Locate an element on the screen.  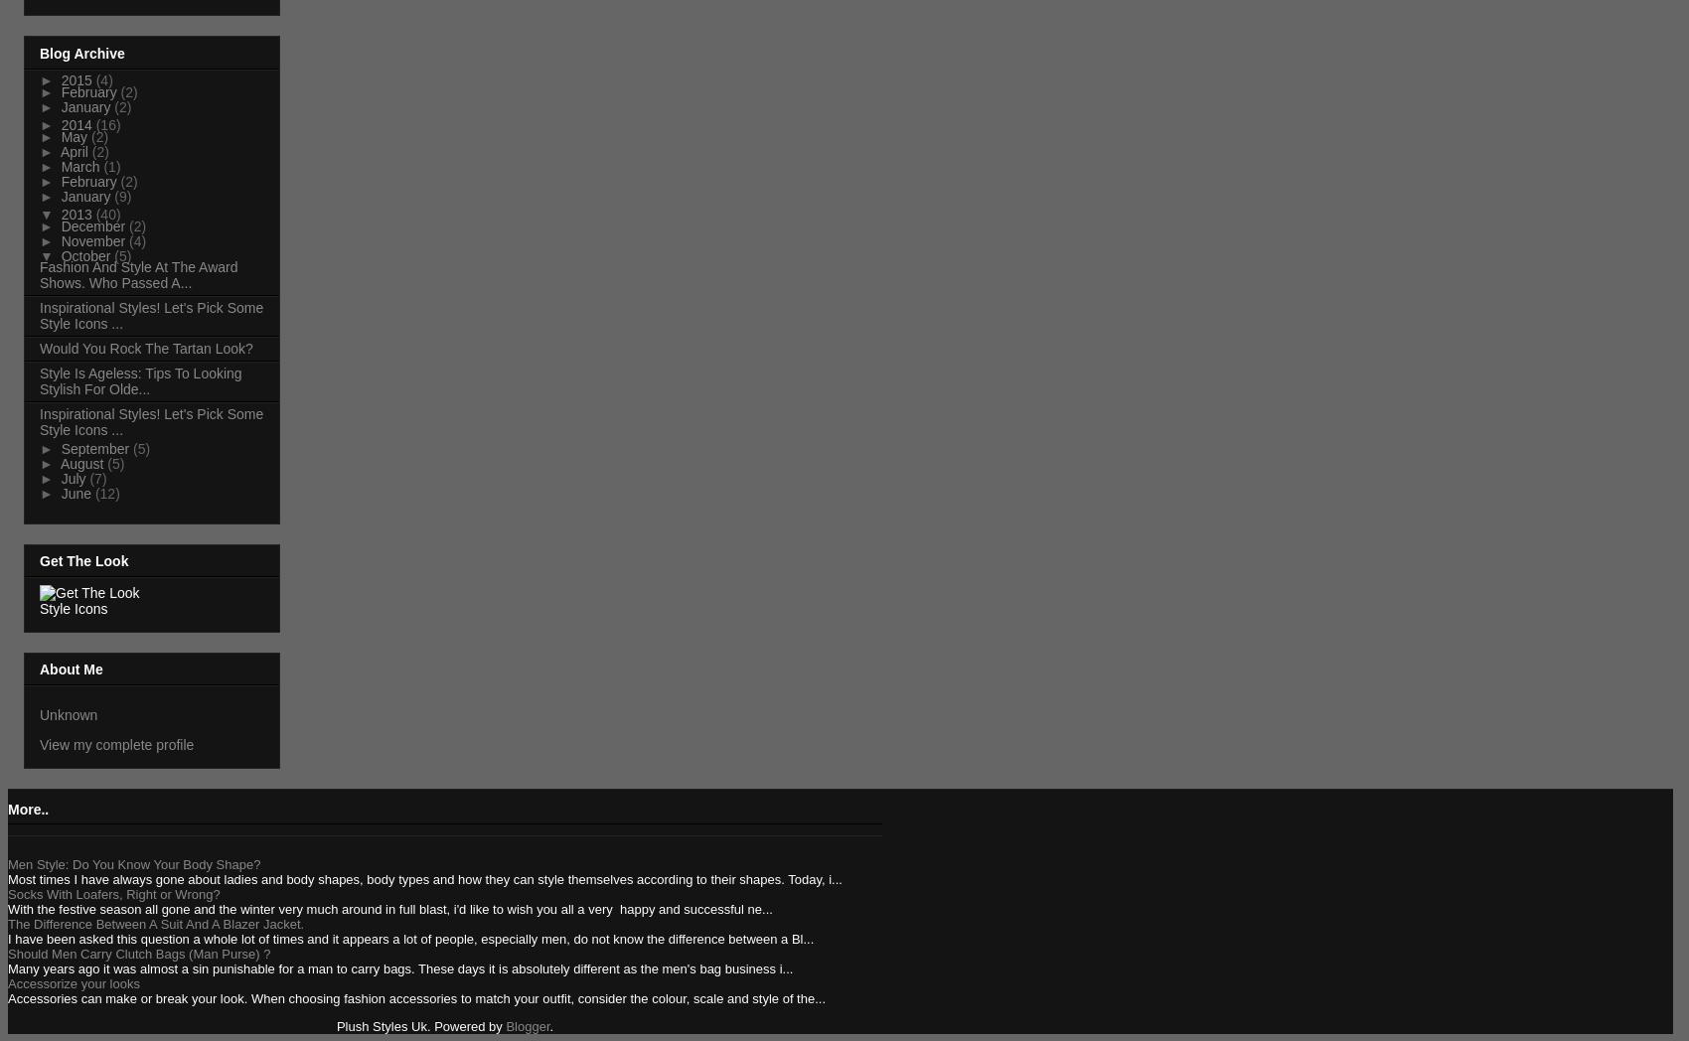
'More..' is located at coordinates (7, 809).